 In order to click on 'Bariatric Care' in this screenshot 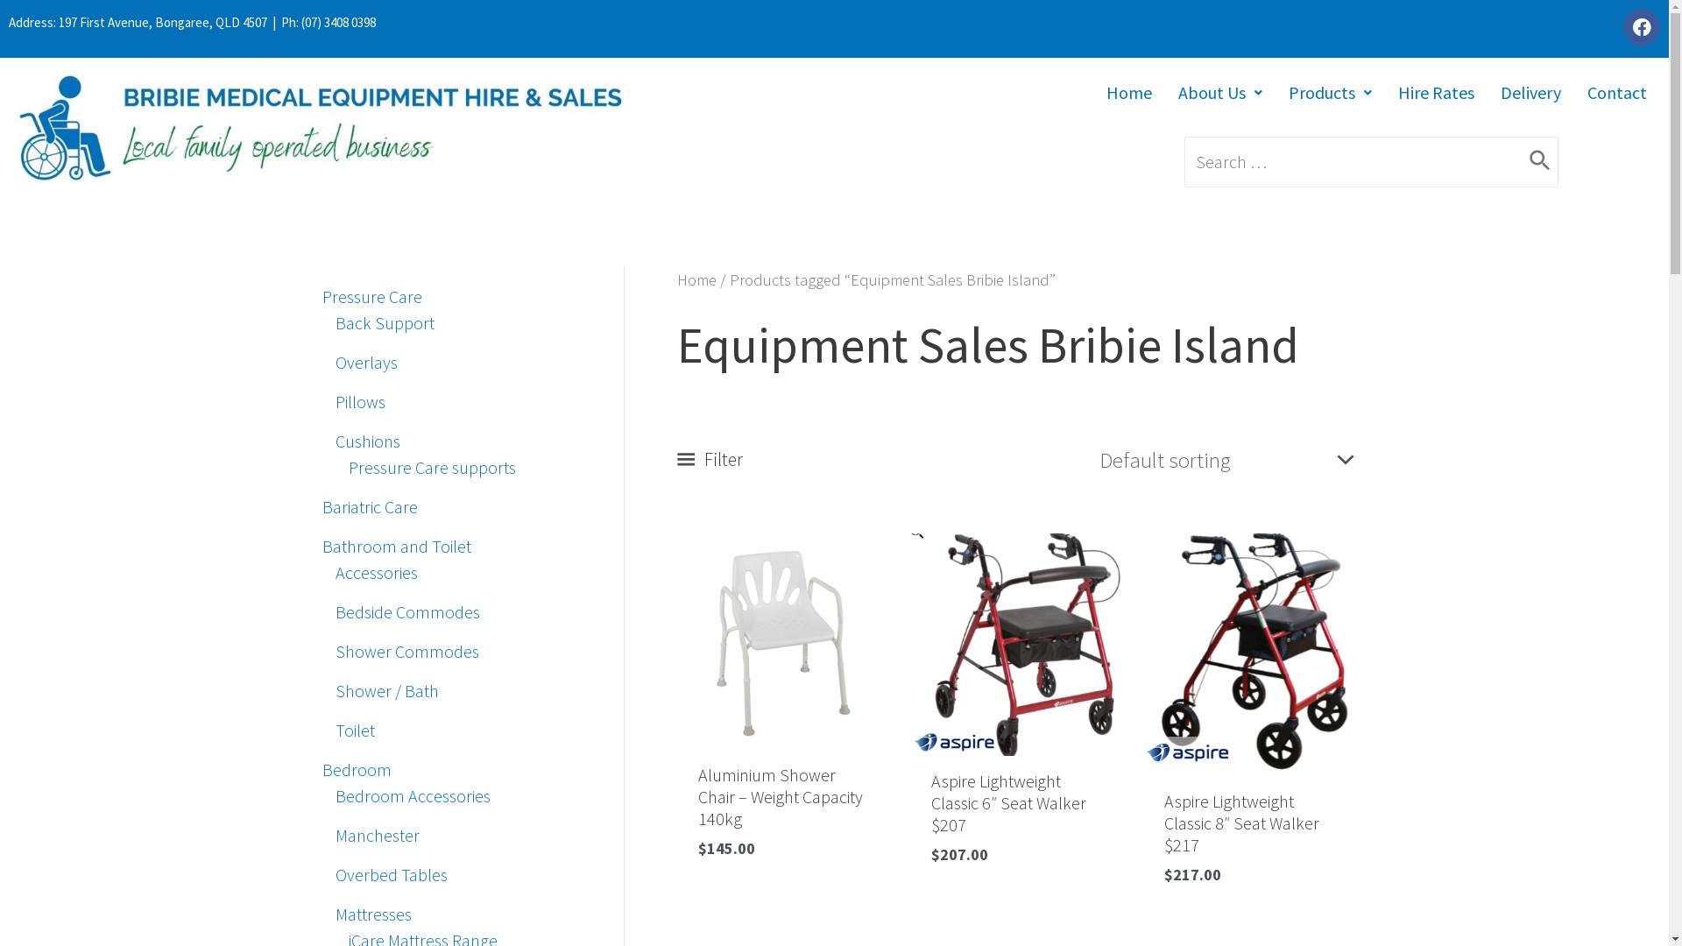, I will do `click(369, 506)`.